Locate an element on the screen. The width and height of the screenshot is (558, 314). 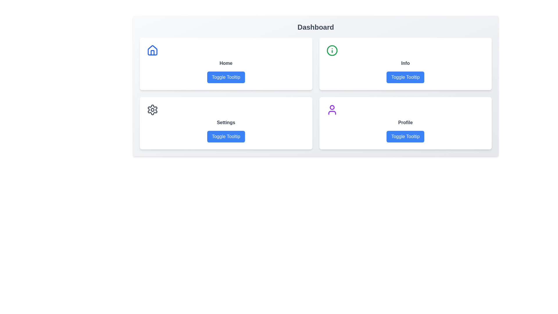
the 'Info' static text label located in the top-right card of the interface, which is centered horizontally within the card and positioned below a green circular icon and above the 'Toggle Tooltip' button is located at coordinates (405, 63).